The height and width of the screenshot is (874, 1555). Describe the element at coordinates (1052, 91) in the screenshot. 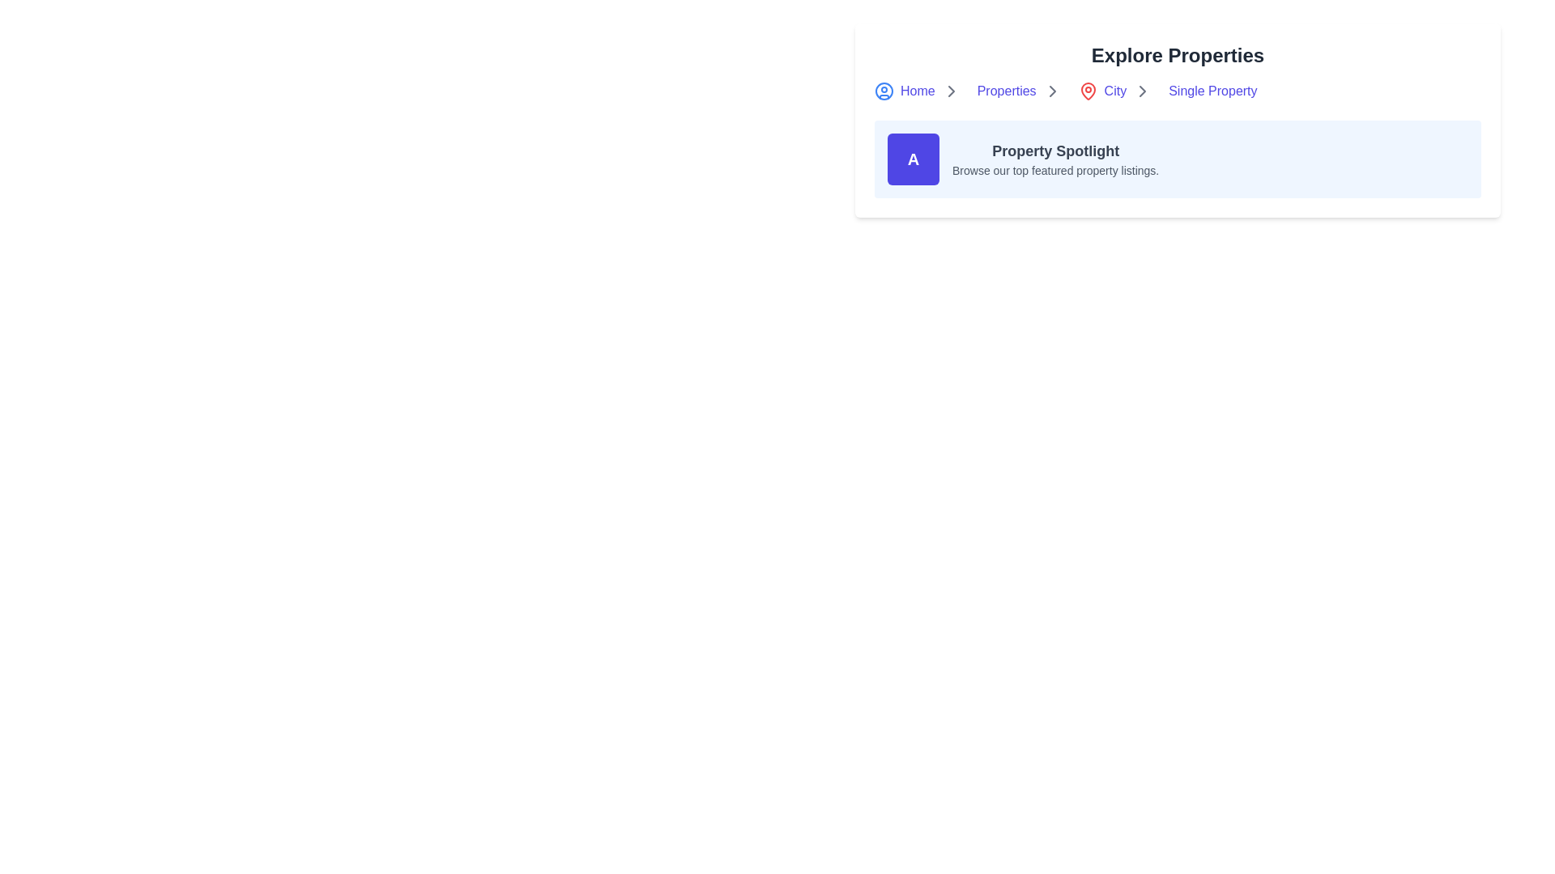

I see `the rightward-facing chevron arrow icon in the breadcrumb navigation system, located between the 'Properties' and 'City' labels` at that location.